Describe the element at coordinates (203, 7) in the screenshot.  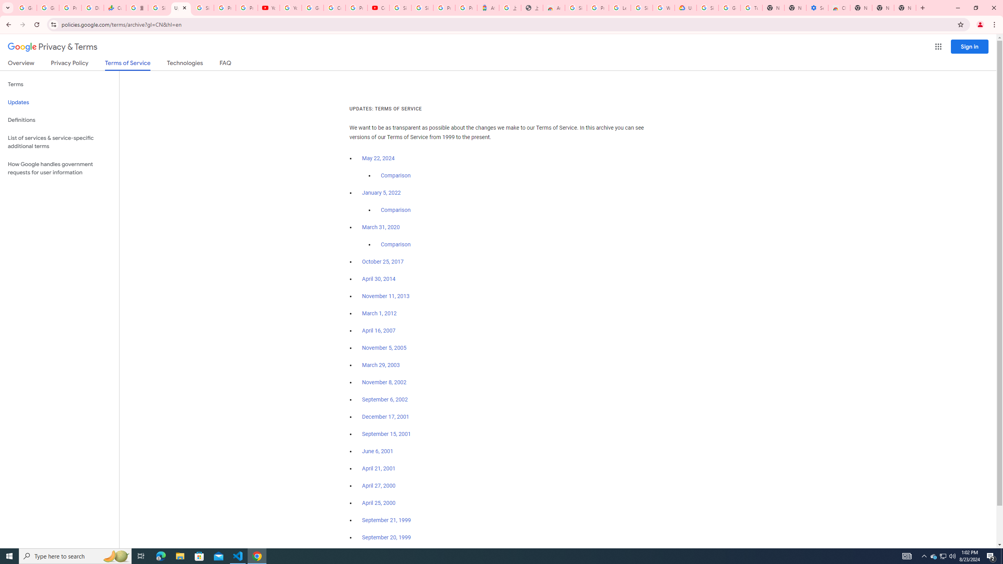
I see `'Sign in - Google Accounts'` at that location.